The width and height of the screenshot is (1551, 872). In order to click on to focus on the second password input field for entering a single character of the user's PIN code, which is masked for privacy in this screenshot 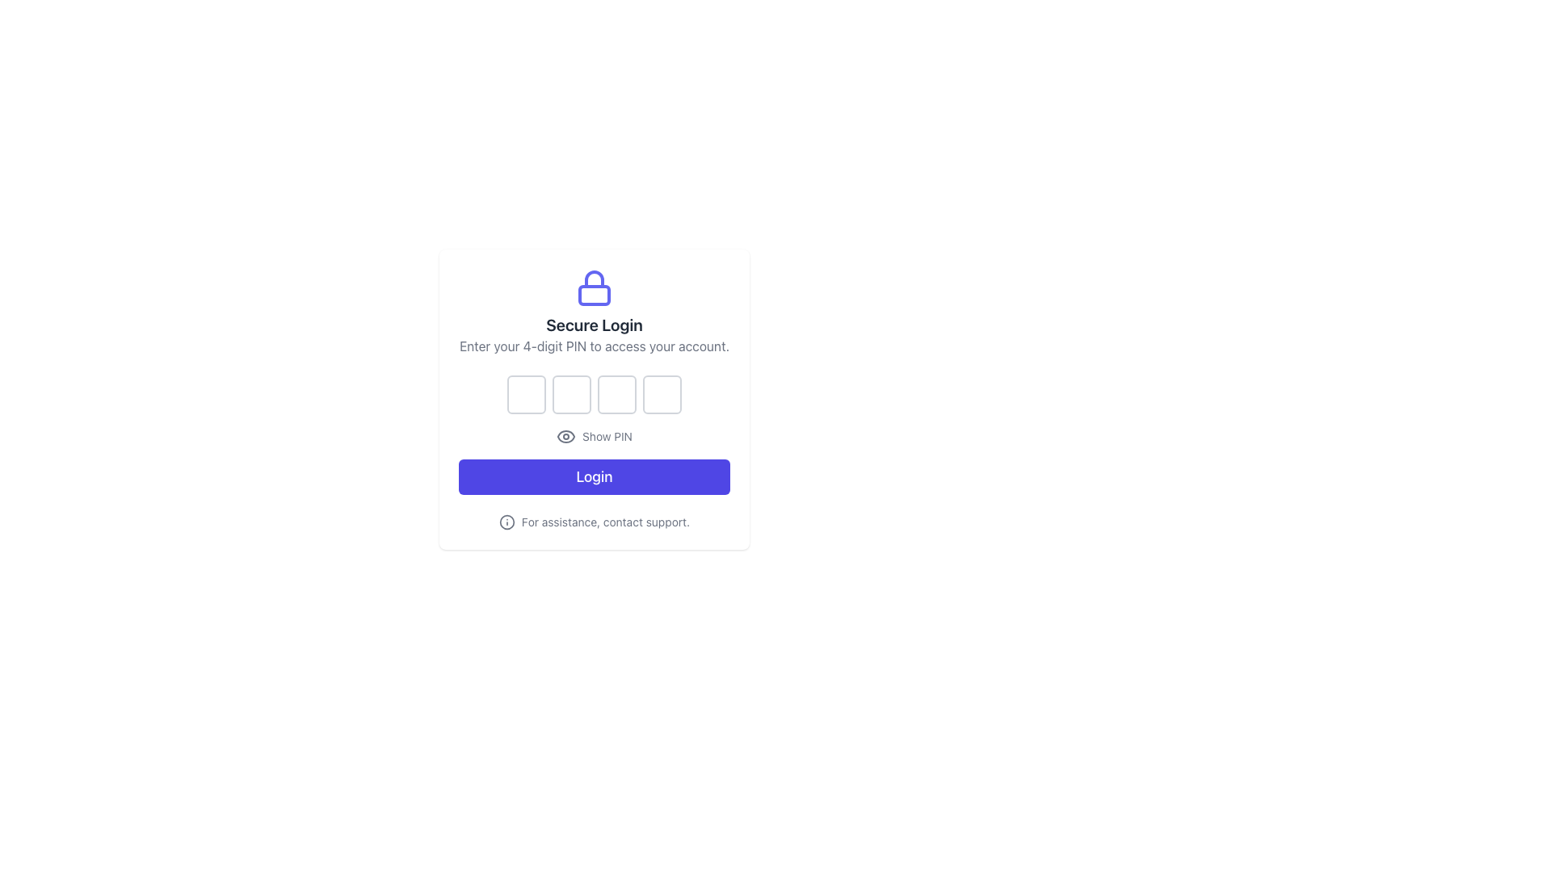, I will do `click(572, 395)`.